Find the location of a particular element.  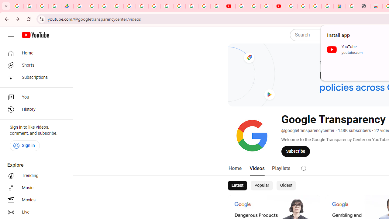

'Music' is located at coordinates (34, 188).